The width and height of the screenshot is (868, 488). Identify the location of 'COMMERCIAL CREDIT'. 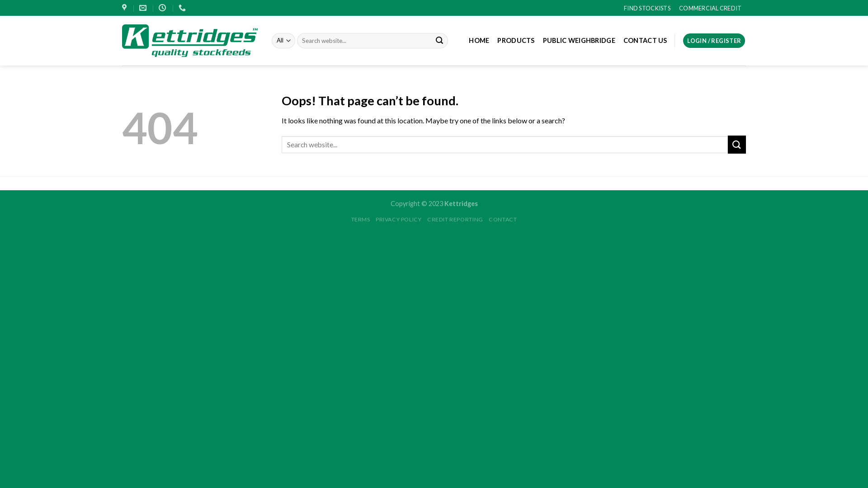
(709, 7).